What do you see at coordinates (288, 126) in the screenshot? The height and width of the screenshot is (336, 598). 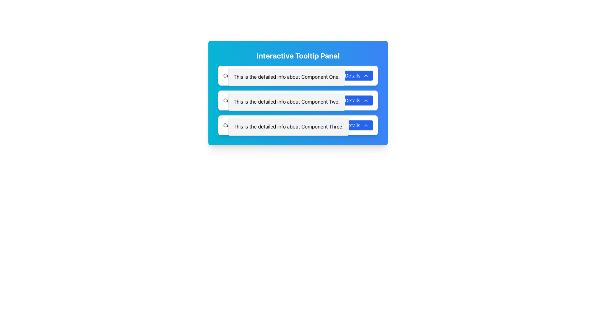 I see `information presented in the Informational text panel that contains the text 'This is the detailed info about Component Three.'` at bounding box center [288, 126].